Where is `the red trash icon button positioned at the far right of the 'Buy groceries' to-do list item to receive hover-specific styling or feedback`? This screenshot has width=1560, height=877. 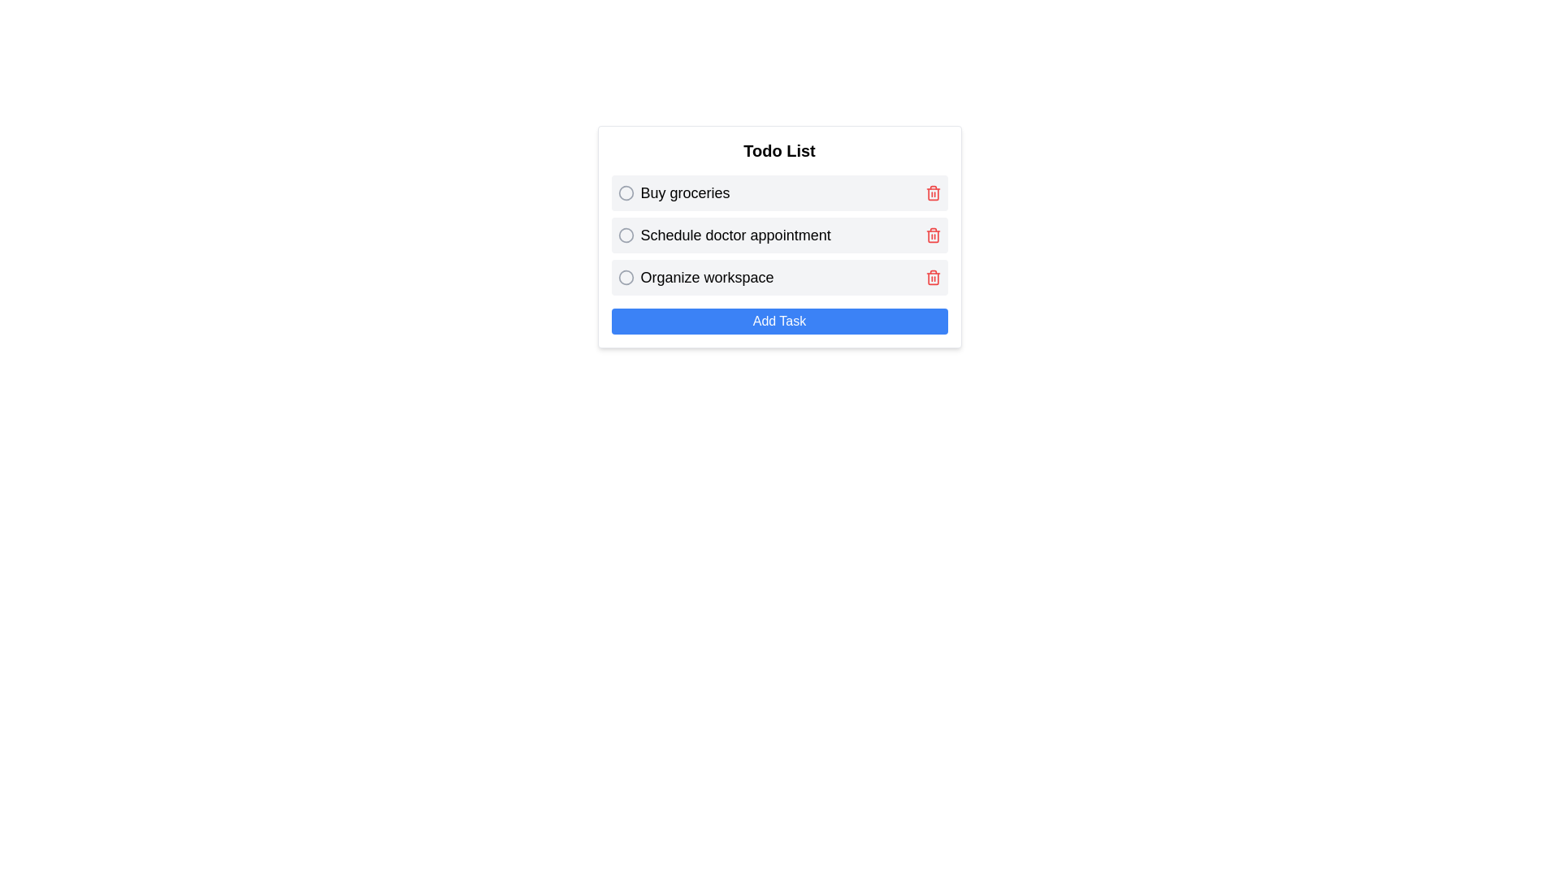 the red trash icon button positioned at the far right of the 'Buy groceries' to-do list item to receive hover-specific styling or feedback is located at coordinates (933, 192).